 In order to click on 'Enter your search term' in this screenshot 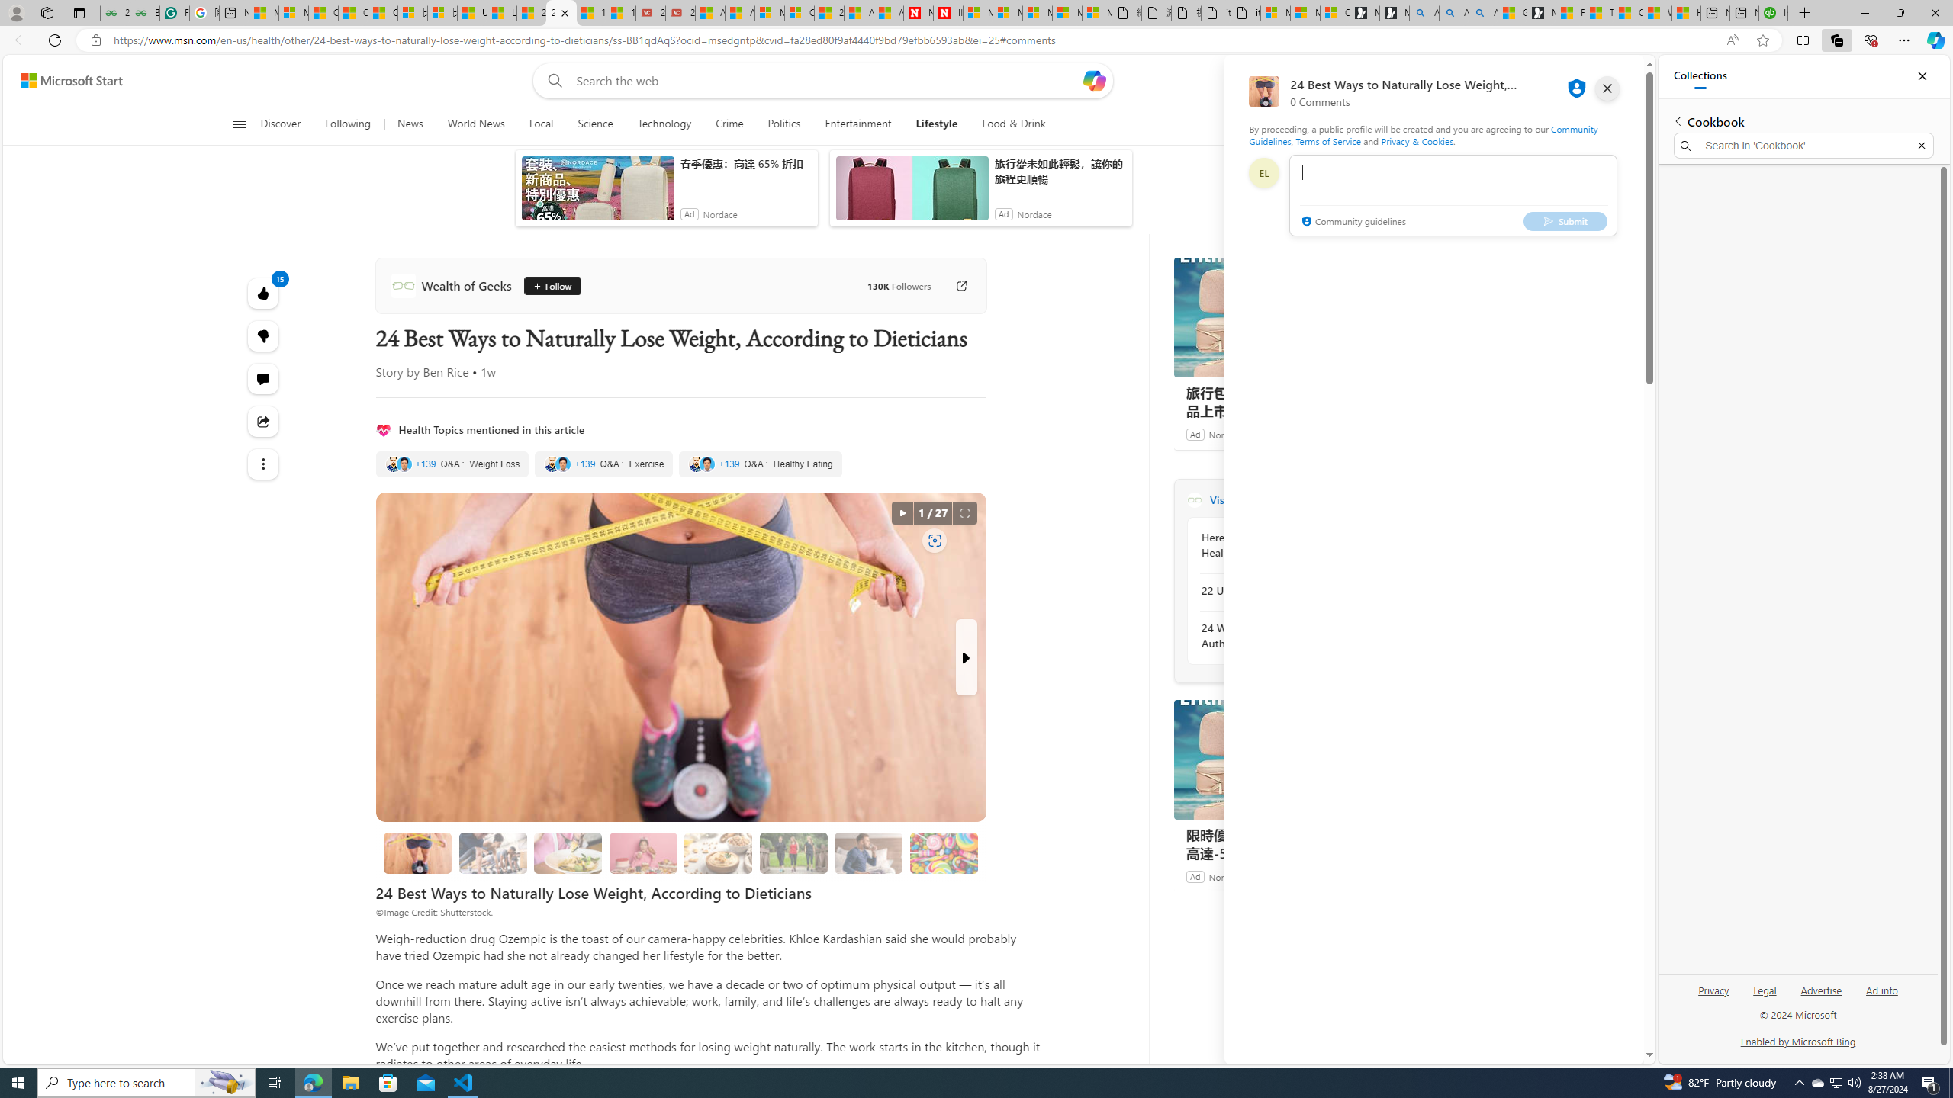, I will do `click(827, 79)`.